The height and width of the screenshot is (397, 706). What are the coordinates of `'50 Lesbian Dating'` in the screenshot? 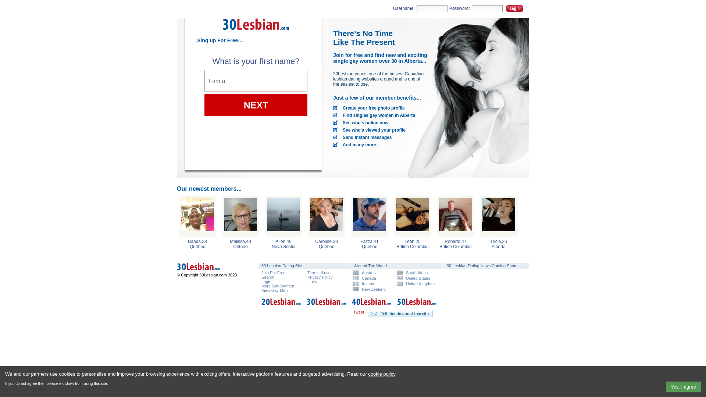 It's located at (417, 306).